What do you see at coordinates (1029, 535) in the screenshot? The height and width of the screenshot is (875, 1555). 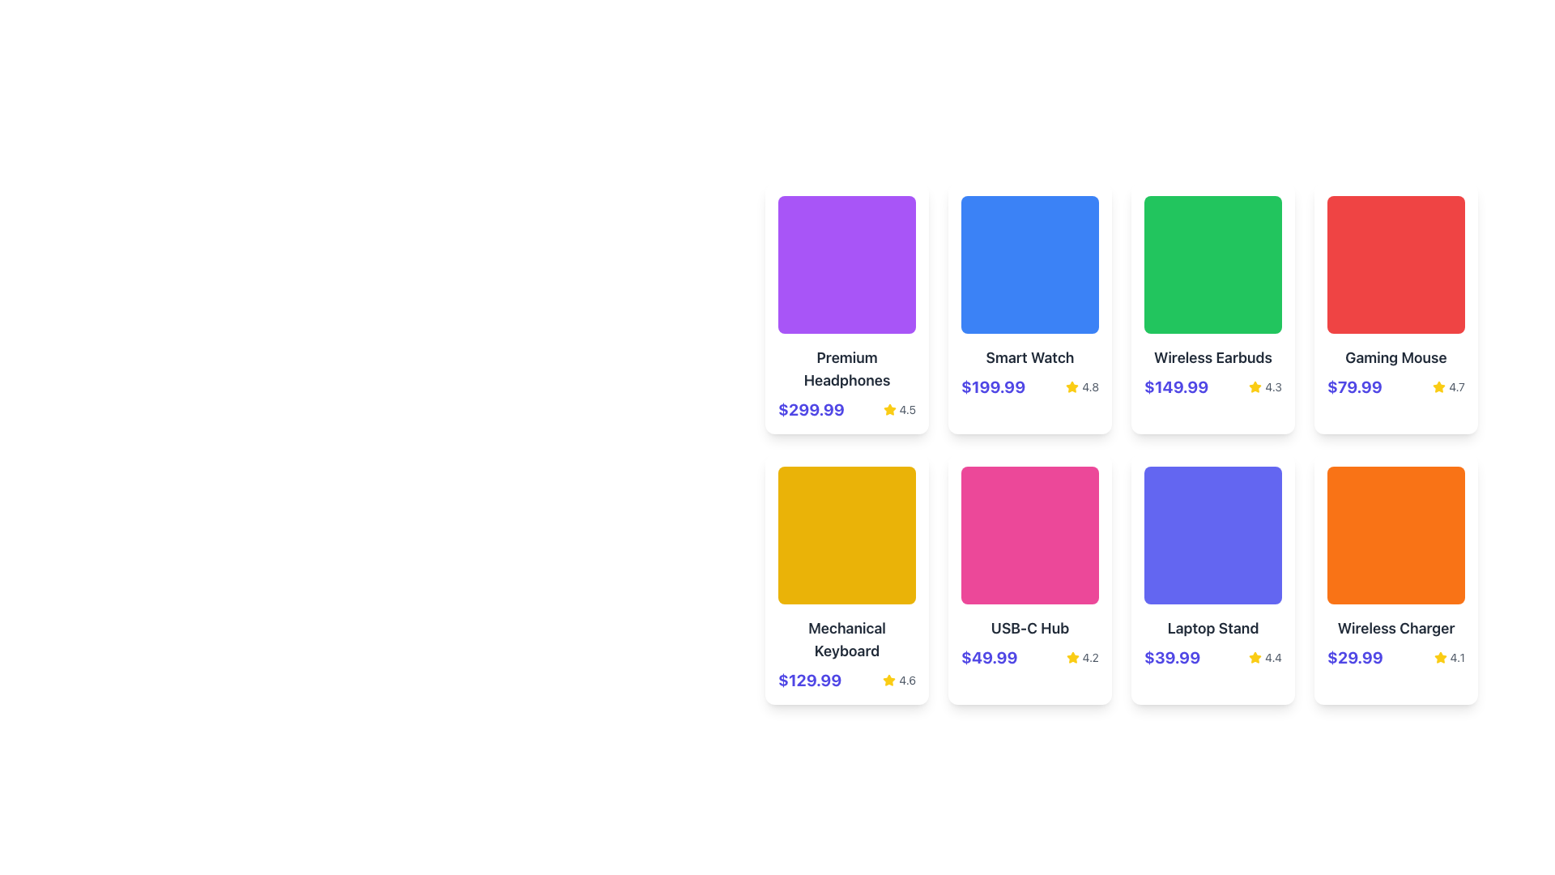 I see `the decorative placeholder element associated with the 'USB-C Hub', which is located in the second-to-last card of the second row in the grid layout` at bounding box center [1029, 535].